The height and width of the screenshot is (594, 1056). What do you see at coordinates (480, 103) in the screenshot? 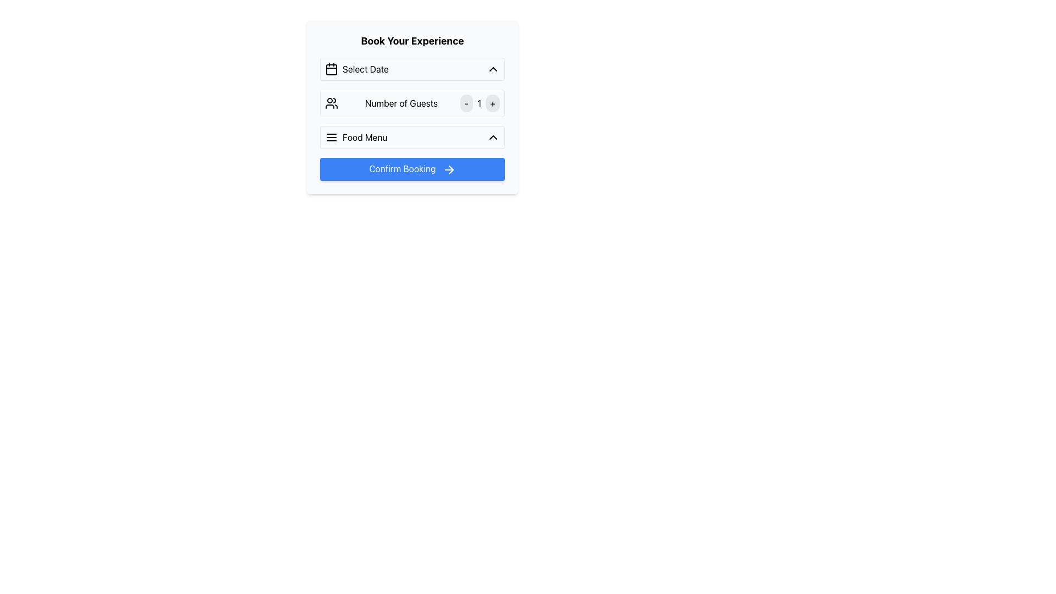
I see `the '-' button to decrease the number of selected guests and the '+' button to increase the number of selected guests, which are situated on either side of the Text label displaying the current numeric value` at bounding box center [480, 103].